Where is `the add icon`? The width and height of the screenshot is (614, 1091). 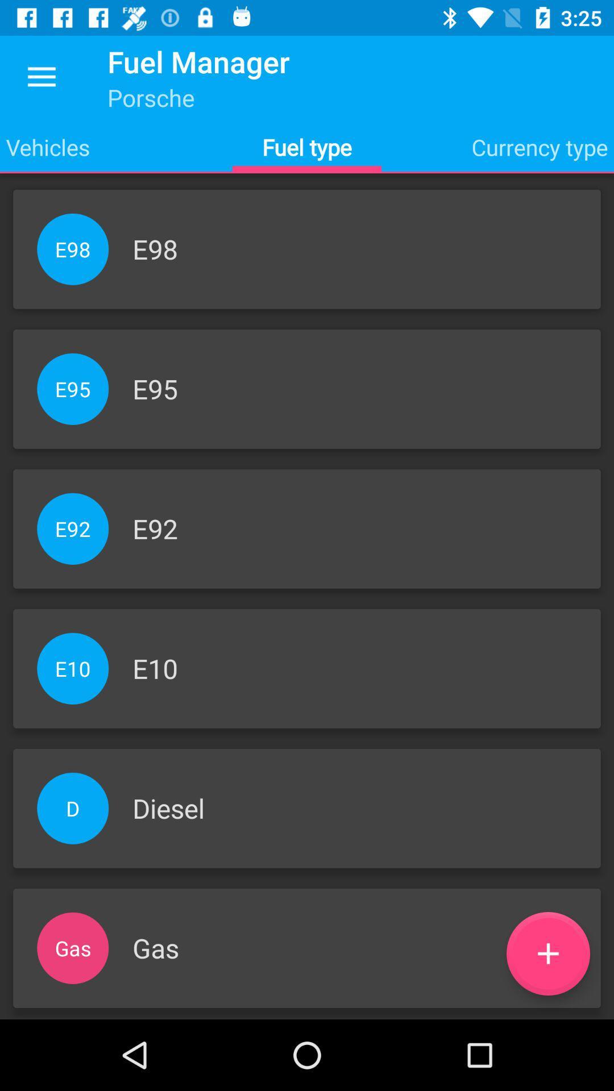
the add icon is located at coordinates (547, 953).